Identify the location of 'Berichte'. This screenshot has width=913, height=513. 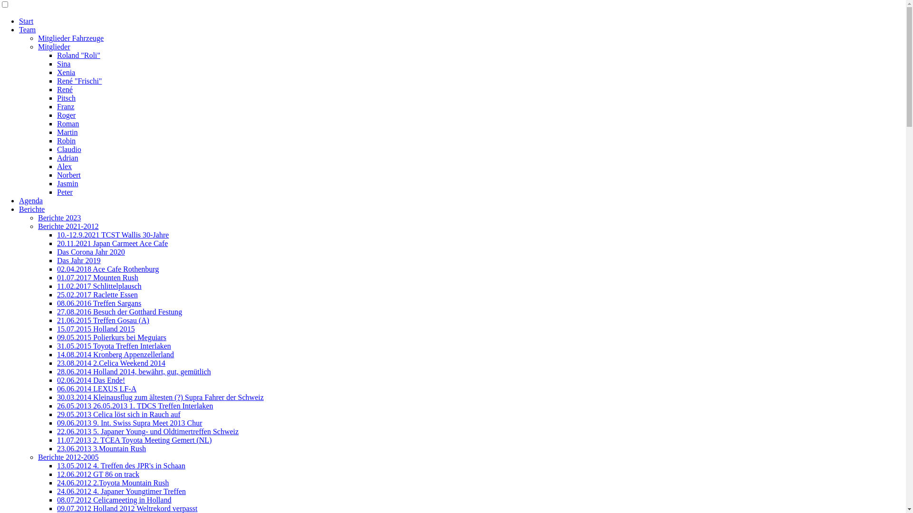
(32, 209).